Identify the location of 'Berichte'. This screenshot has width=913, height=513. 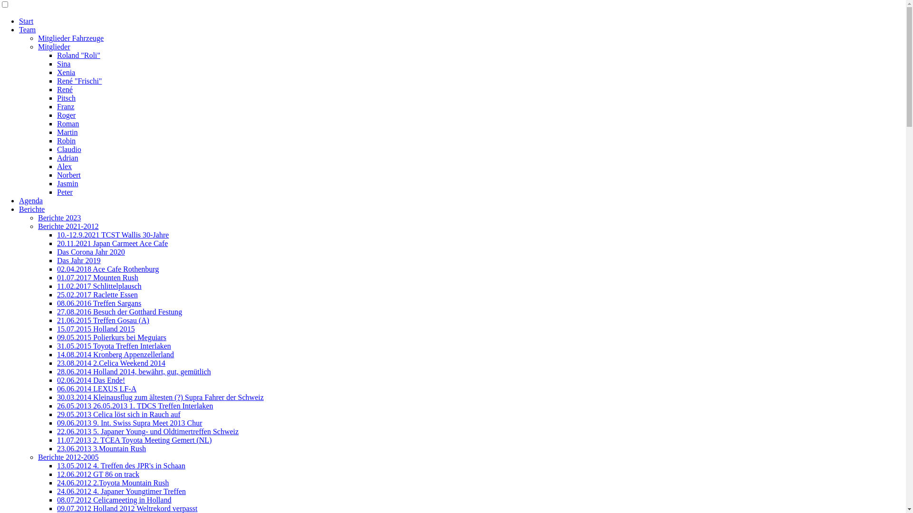
(32, 209).